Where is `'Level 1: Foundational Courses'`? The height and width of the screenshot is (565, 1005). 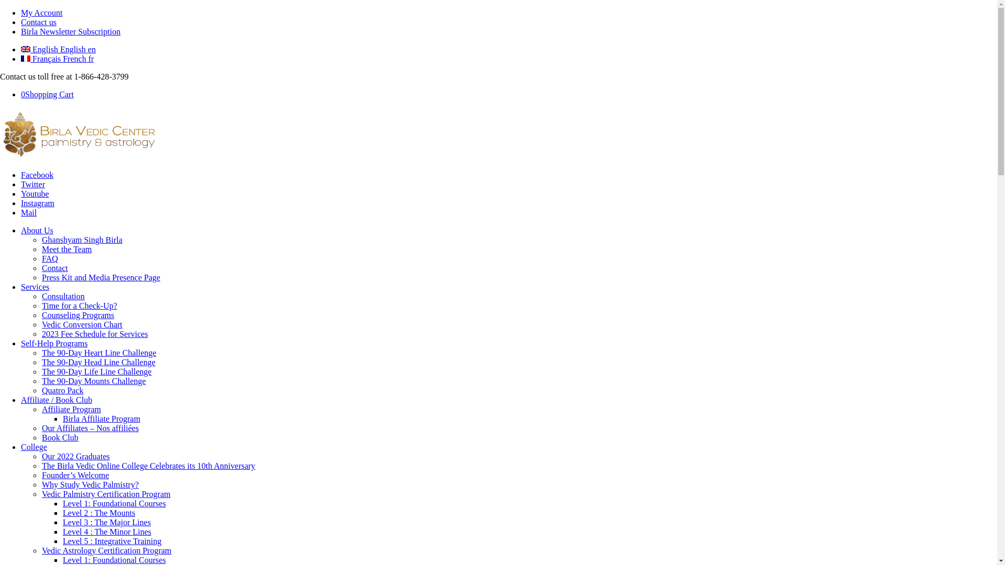 'Level 1: Foundational Courses' is located at coordinates (114, 559).